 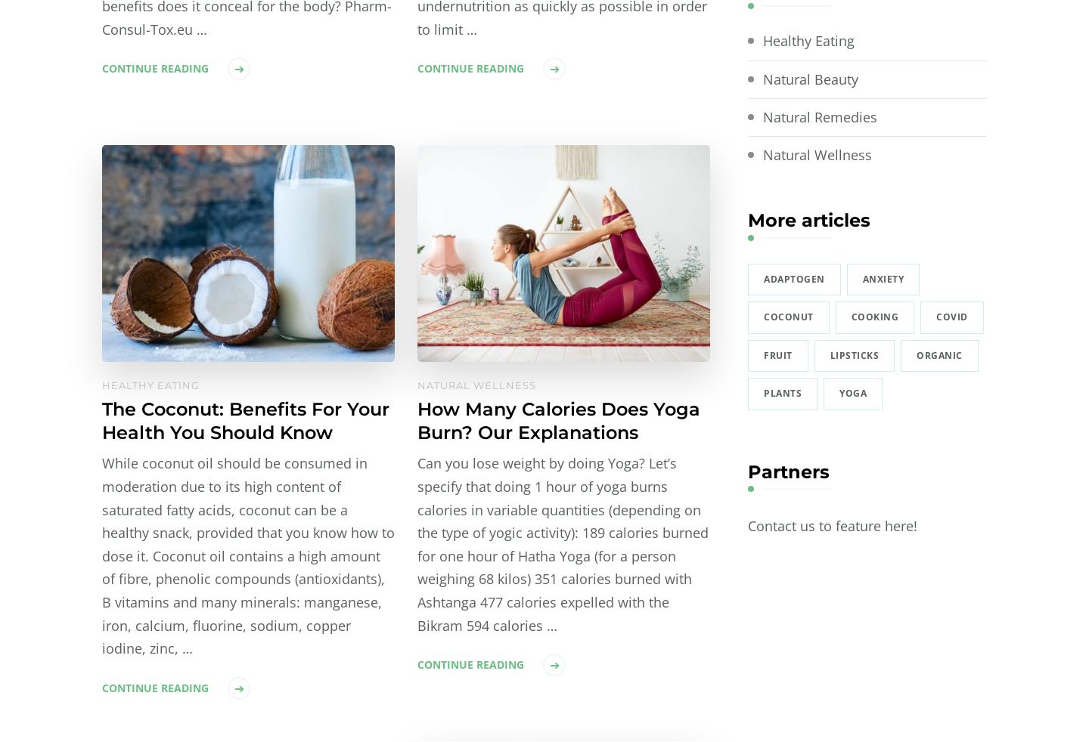 I want to click on 'The Coconut: Benefits For Your Health You Should Know', so click(x=246, y=419).